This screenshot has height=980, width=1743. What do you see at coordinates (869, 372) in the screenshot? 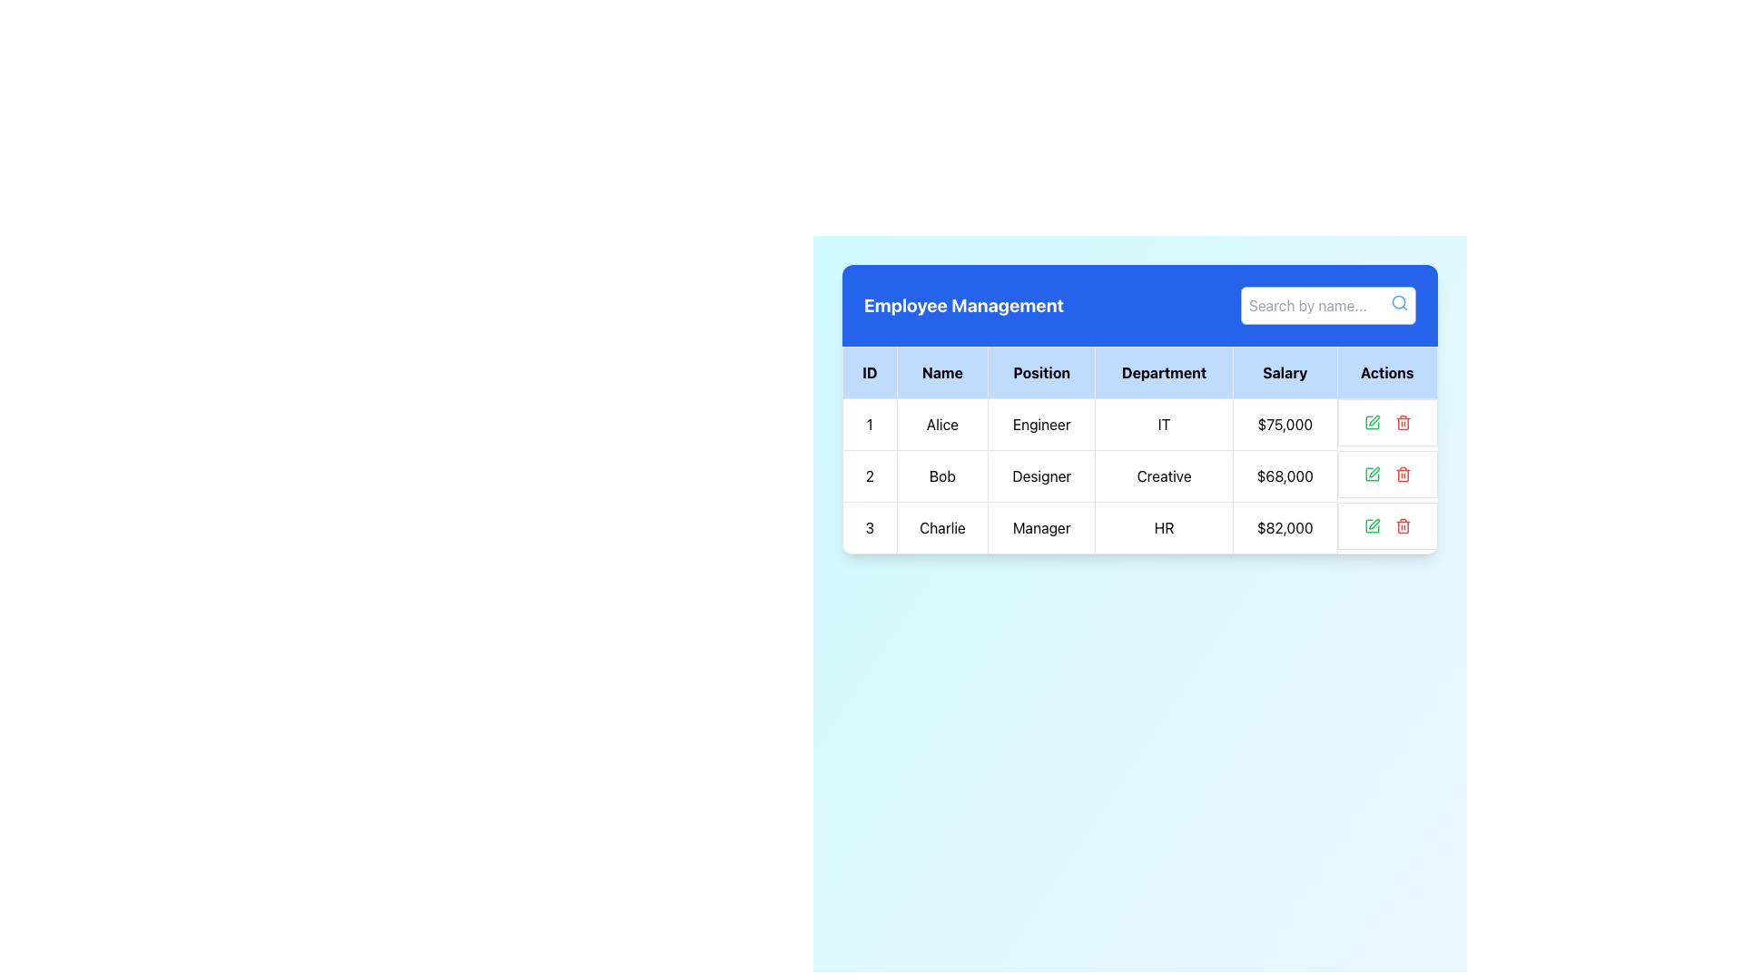
I see `the 'ID' Header Cell, which displays bold black letters centered in a rectangular cell, located at the top left of the header row before the 'Name' column` at bounding box center [869, 372].